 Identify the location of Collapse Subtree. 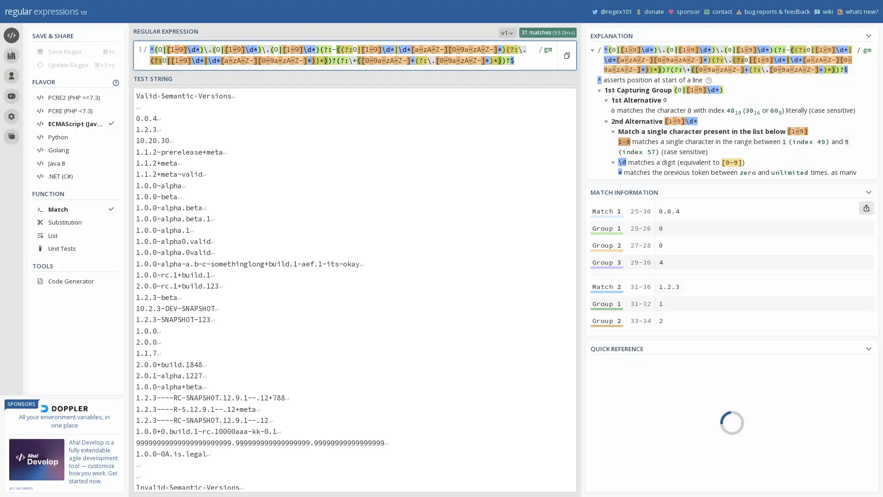
(614, 131).